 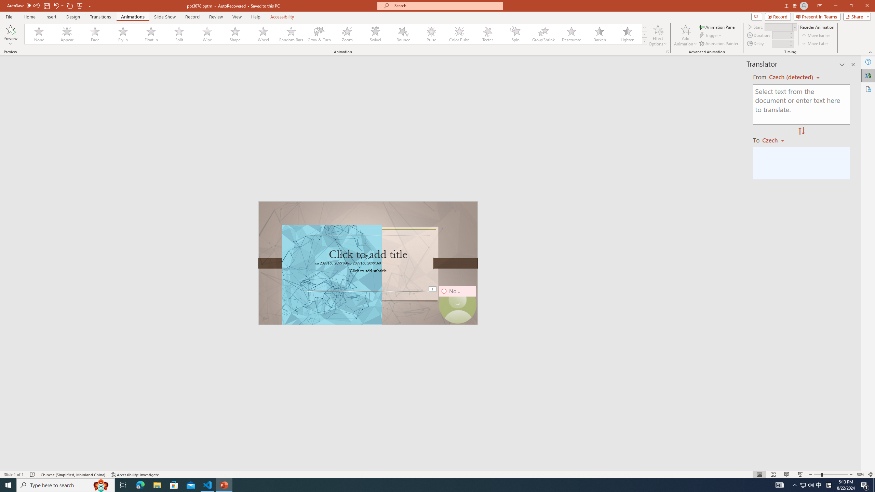 I want to click on 'Pulse', so click(x=431, y=34).